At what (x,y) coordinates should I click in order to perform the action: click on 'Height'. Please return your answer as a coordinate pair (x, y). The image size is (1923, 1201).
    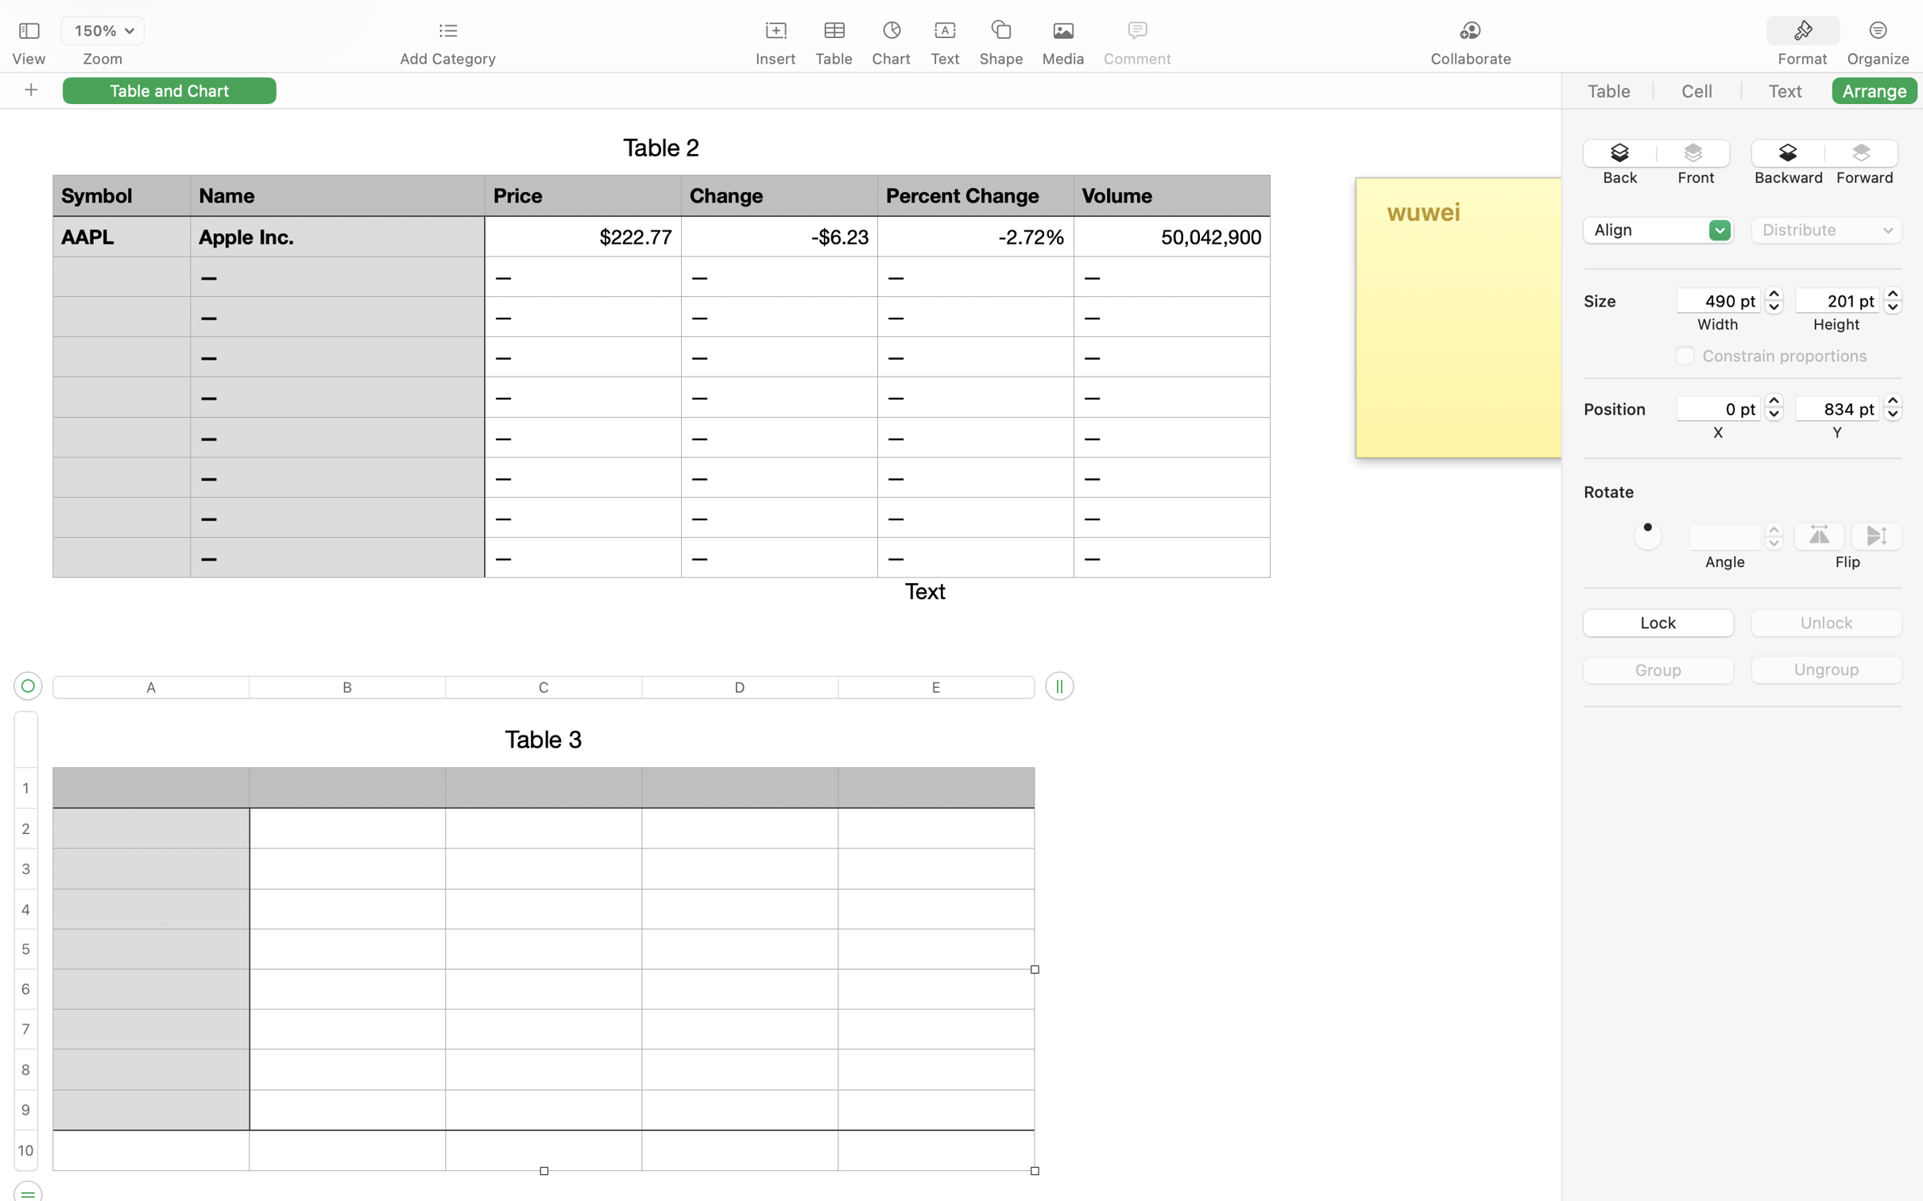
    Looking at the image, I should click on (1836, 323).